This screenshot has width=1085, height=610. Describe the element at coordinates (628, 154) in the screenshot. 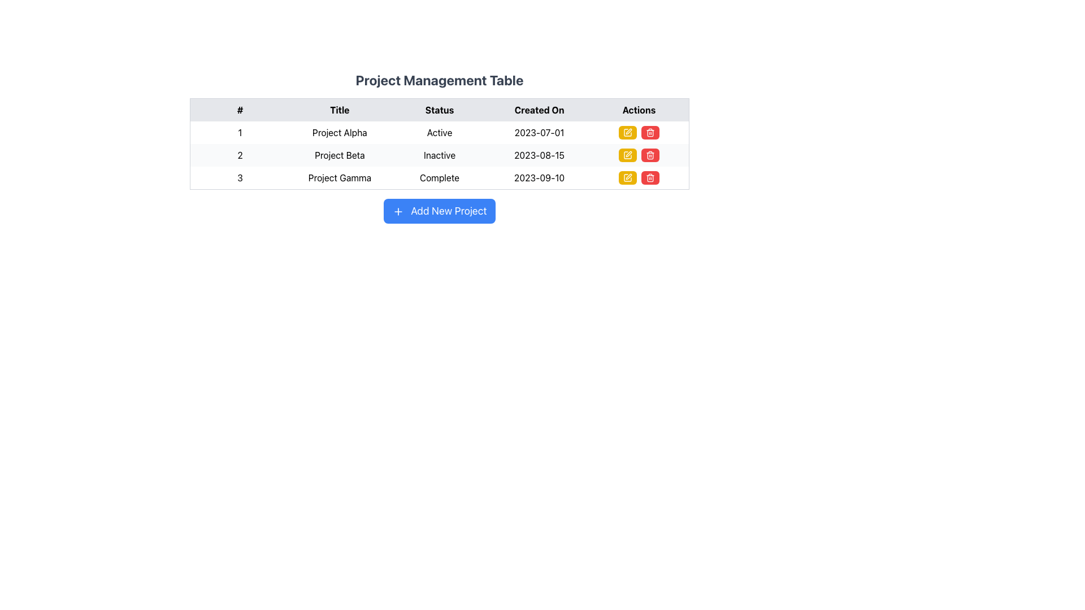

I see `the edit icon in the yellow edit button located in the second row of the 'Actions' column to initiate edit mode for 'Project Beta'` at that location.